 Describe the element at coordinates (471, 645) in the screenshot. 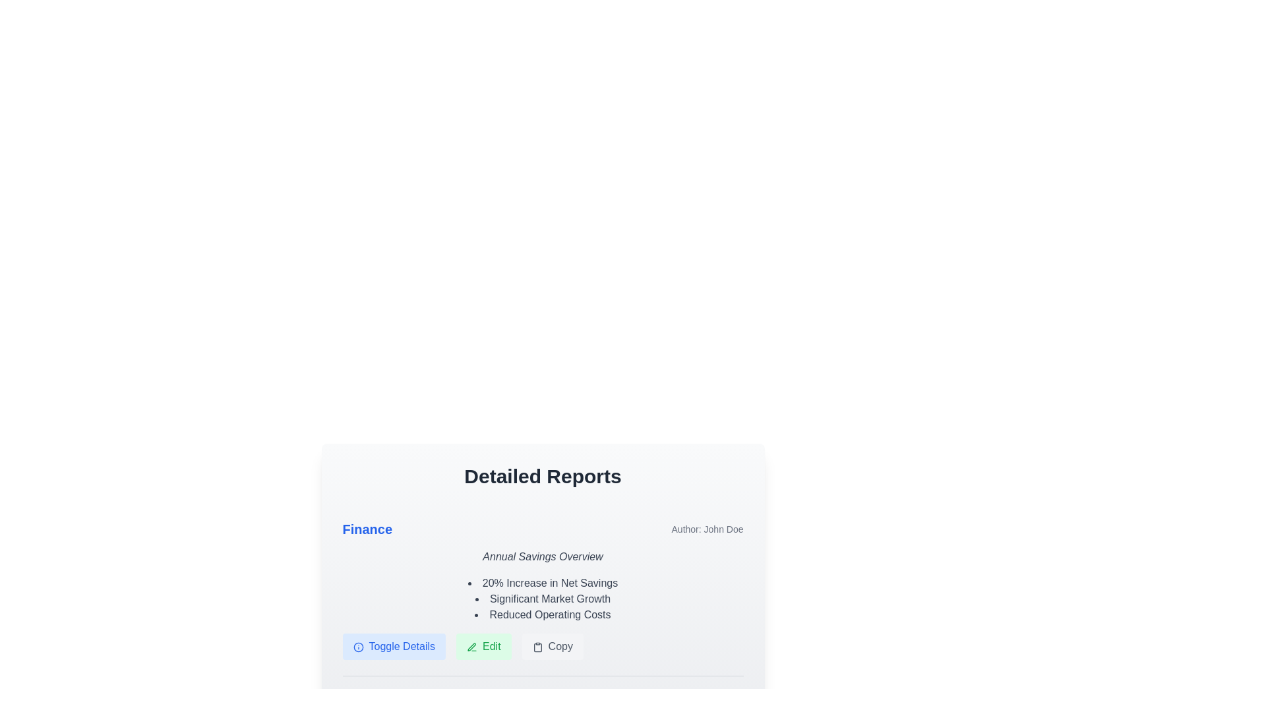

I see `the small green icon resembling a pen, which is located to the left of the 'Edit' text in the rounded green button at the central bottom area of the interface` at that location.